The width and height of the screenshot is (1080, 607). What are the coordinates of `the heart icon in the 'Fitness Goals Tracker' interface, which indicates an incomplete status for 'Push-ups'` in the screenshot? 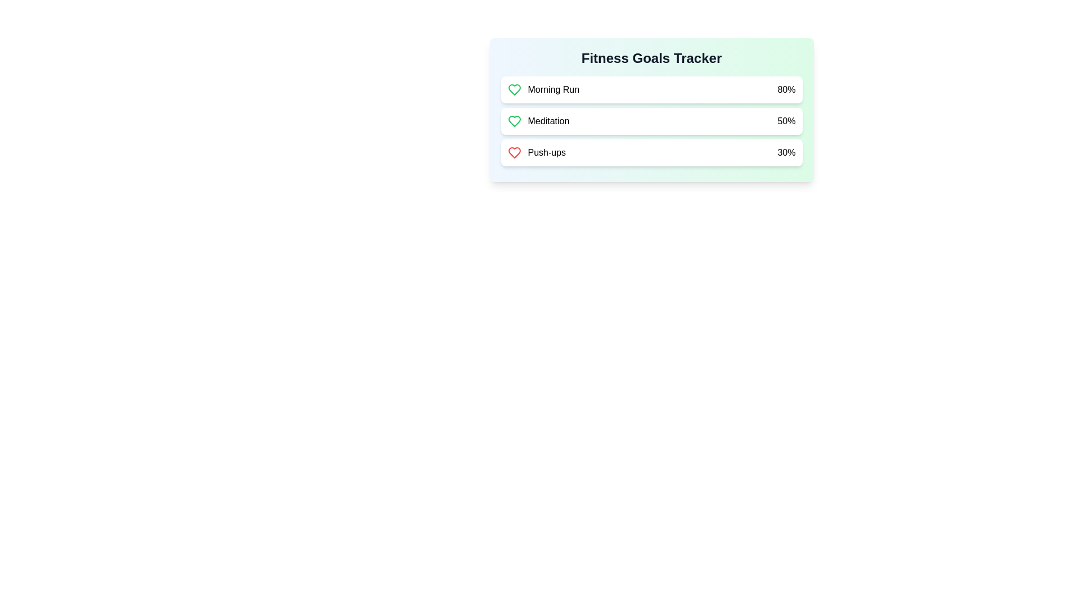 It's located at (514, 153).